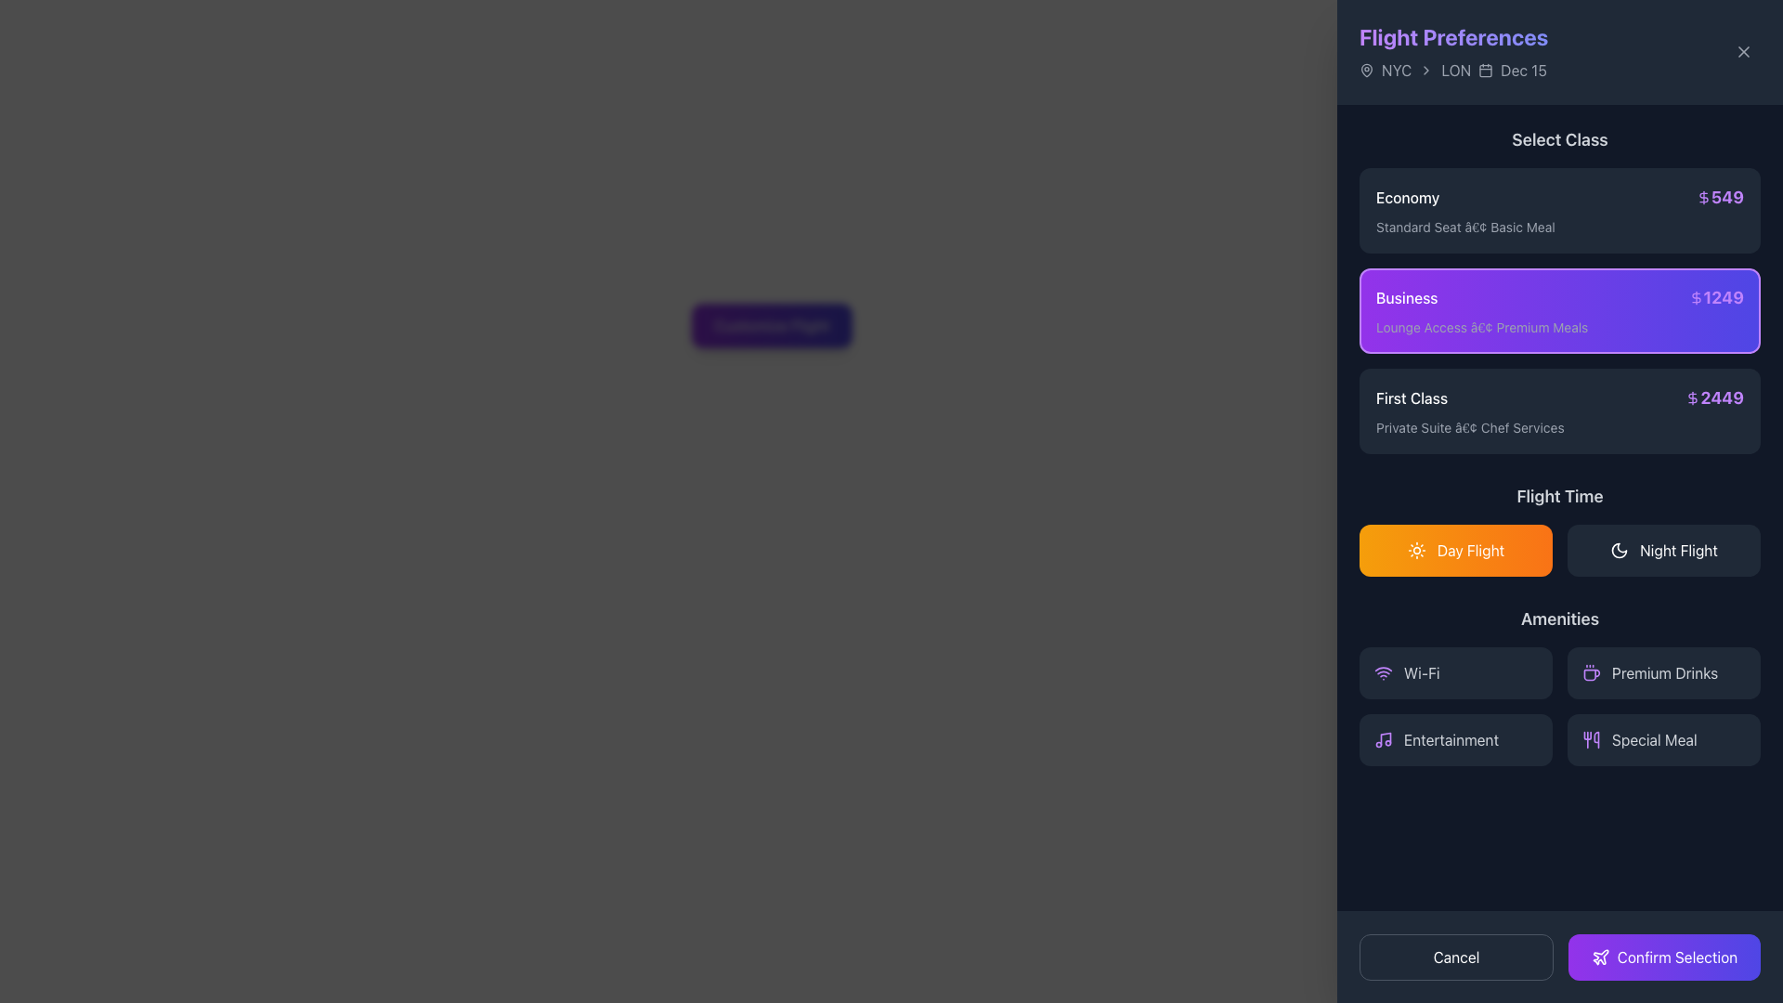  I want to click on the 'Amenities' section header located within the 'Flight Preferences' interface, positioned directly beneath the 'Flight Time' option, so click(1560, 619).